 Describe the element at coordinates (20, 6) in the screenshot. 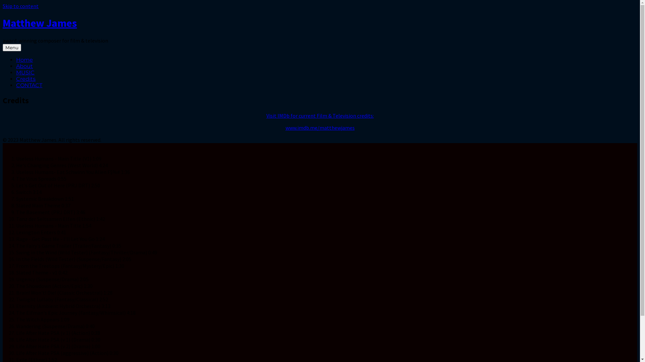

I see `'Skip to content'` at that location.